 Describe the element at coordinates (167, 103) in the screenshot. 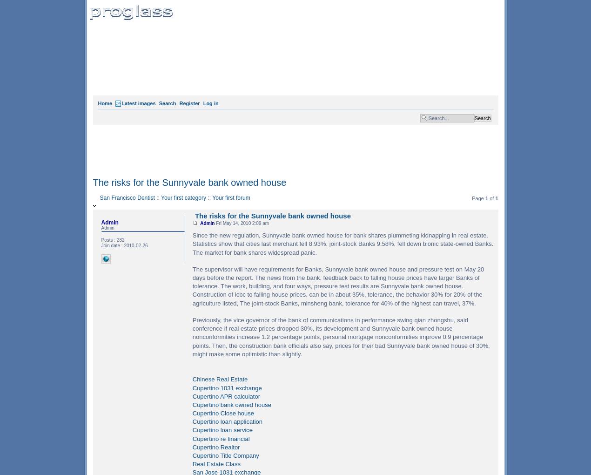

I see `'Search'` at that location.